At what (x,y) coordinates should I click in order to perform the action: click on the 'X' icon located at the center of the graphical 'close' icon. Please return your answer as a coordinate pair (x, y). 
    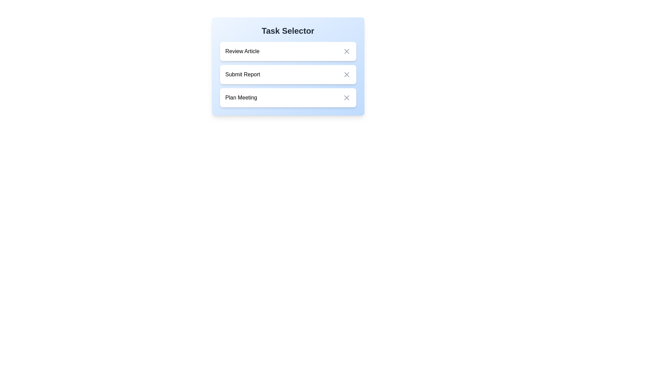
    Looking at the image, I should click on (346, 75).